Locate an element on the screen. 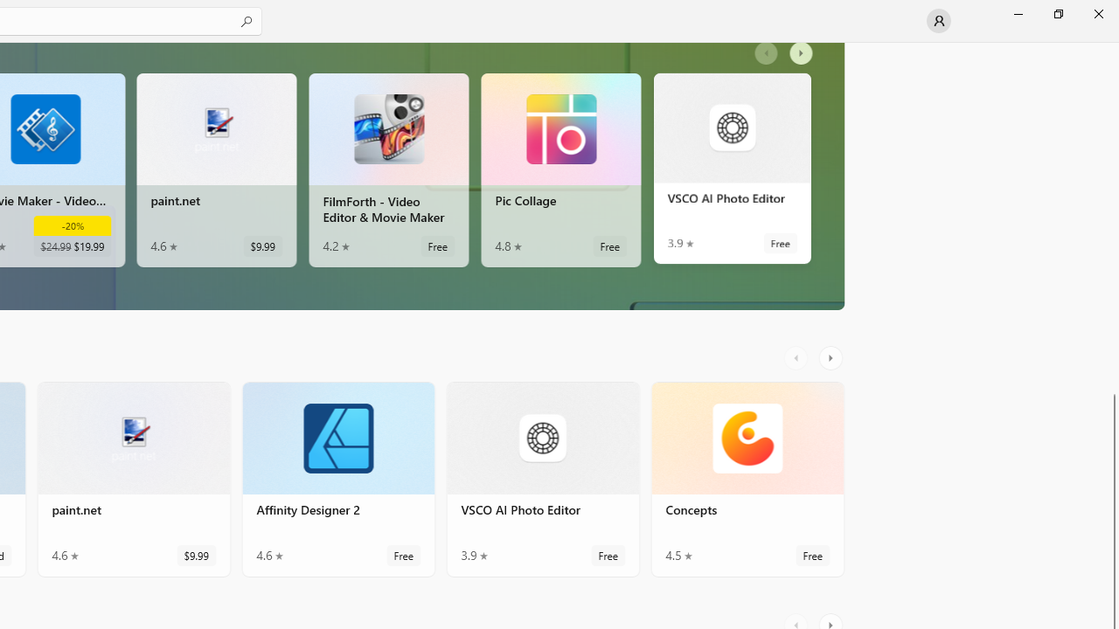 Image resolution: width=1119 pixels, height=629 pixels. 'Concepts. Average rating of 4.5 out of five stars. Free  ' is located at coordinates (747, 480).